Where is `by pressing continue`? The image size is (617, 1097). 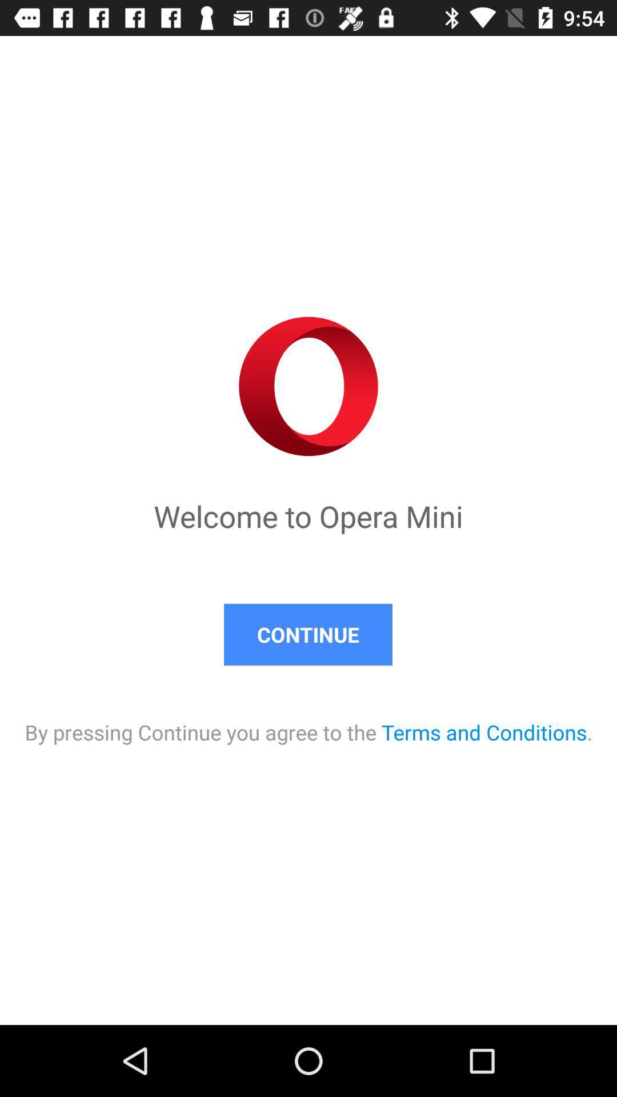 by pressing continue is located at coordinates (308, 720).